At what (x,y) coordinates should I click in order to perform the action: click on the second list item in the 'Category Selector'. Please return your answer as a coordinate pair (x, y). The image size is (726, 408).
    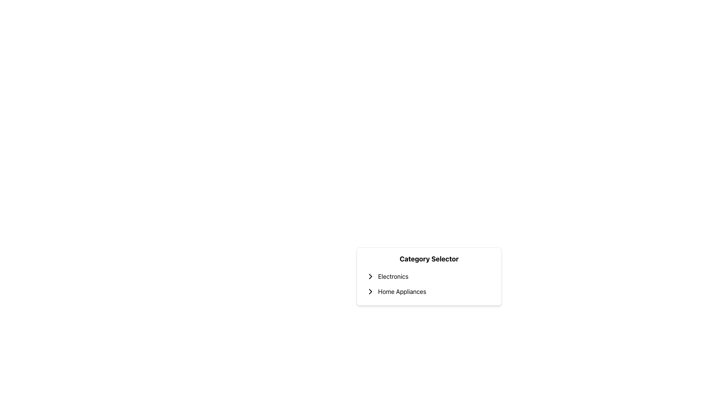
    Looking at the image, I should click on (429, 284).